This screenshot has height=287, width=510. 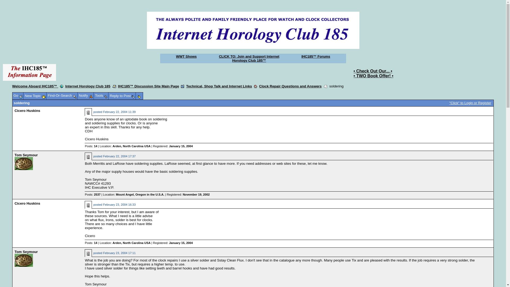 What do you see at coordinates (101, 96) in the screenshot?
I see `'Tools'` at bounding box center [101, 96].